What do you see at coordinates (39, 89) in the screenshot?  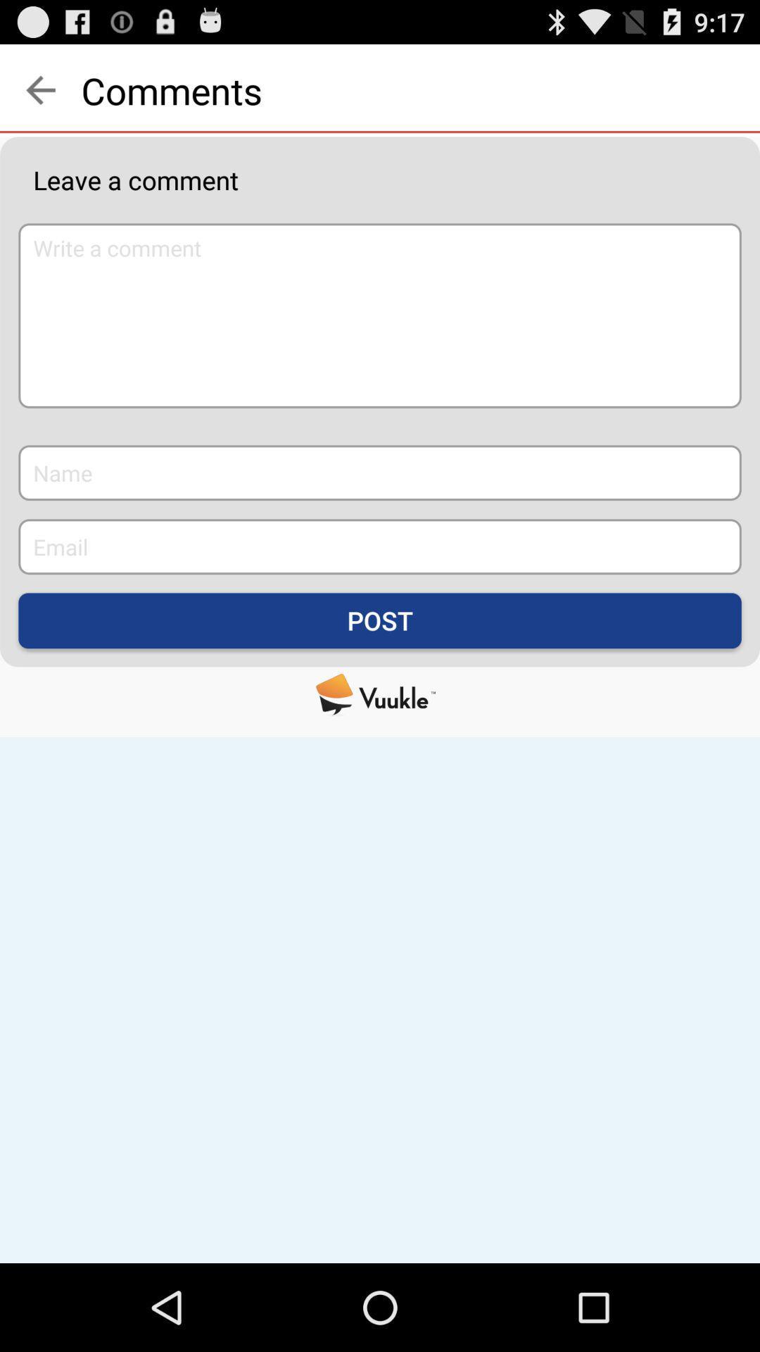 I see `go back` at bounding box center [39, 89].